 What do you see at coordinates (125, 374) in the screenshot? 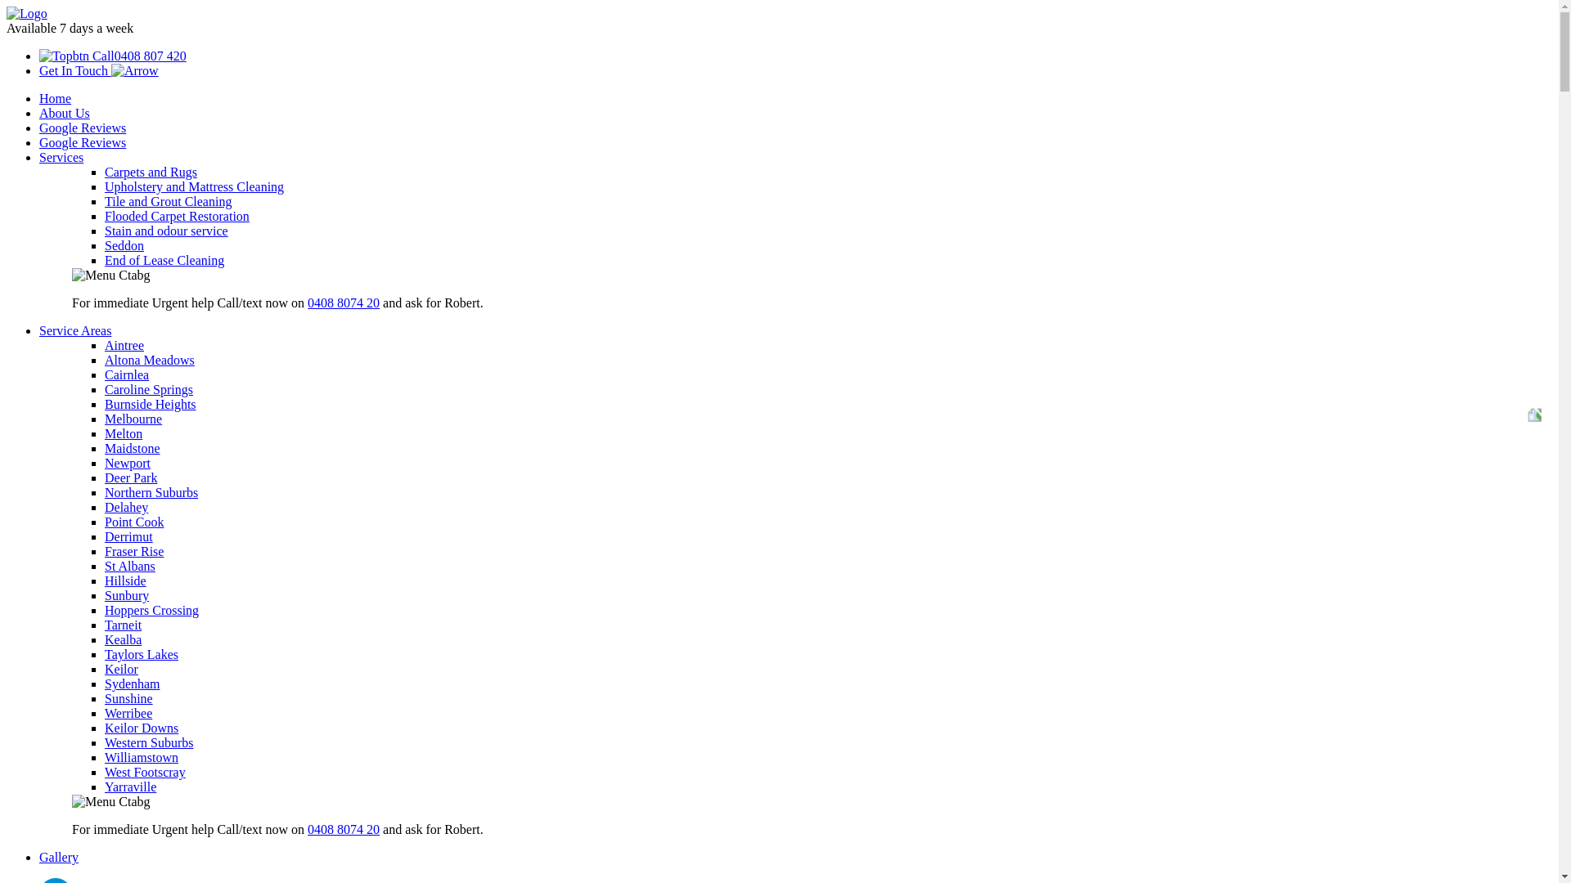
I see `'Cairnlea'` at bounding box center [125, 374].